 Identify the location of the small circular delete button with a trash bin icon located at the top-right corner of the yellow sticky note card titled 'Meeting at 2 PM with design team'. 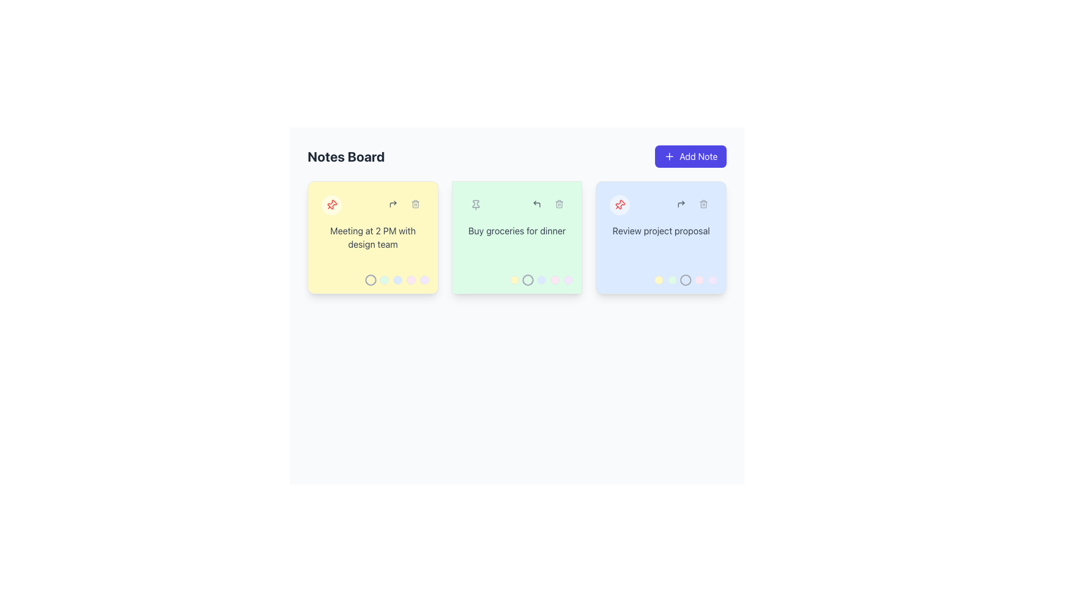
(414, 204).